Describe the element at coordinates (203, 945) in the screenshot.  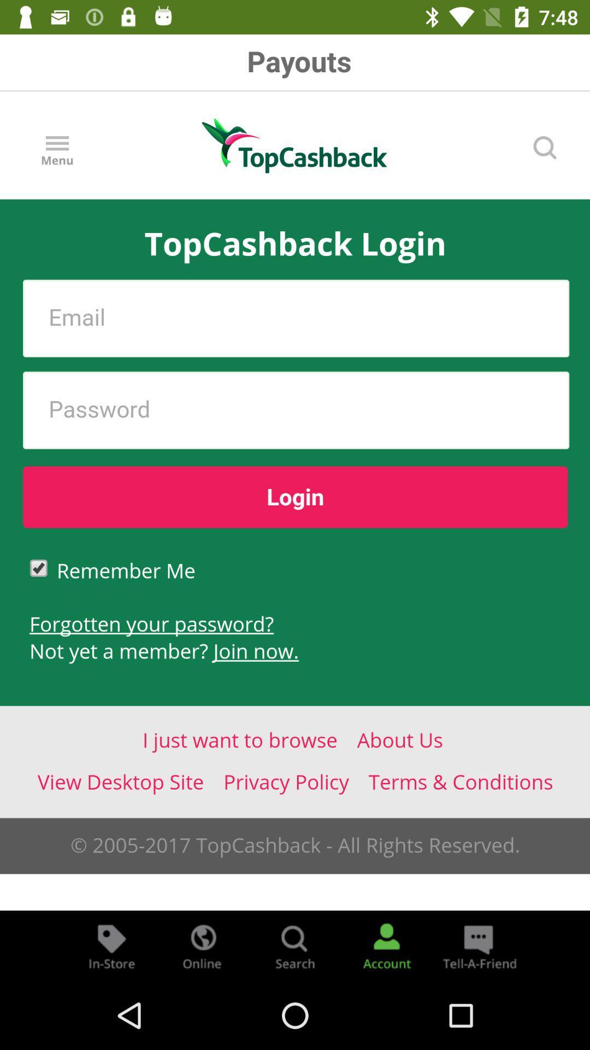
I see `search who is online` at that location.